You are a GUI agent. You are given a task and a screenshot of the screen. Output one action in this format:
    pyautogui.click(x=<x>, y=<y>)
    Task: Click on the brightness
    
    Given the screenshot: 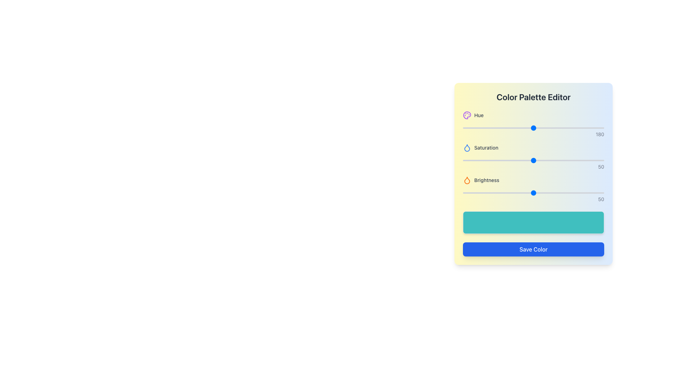 What is the action you would take?
    pyautogui.click(x=537, y=193)
    